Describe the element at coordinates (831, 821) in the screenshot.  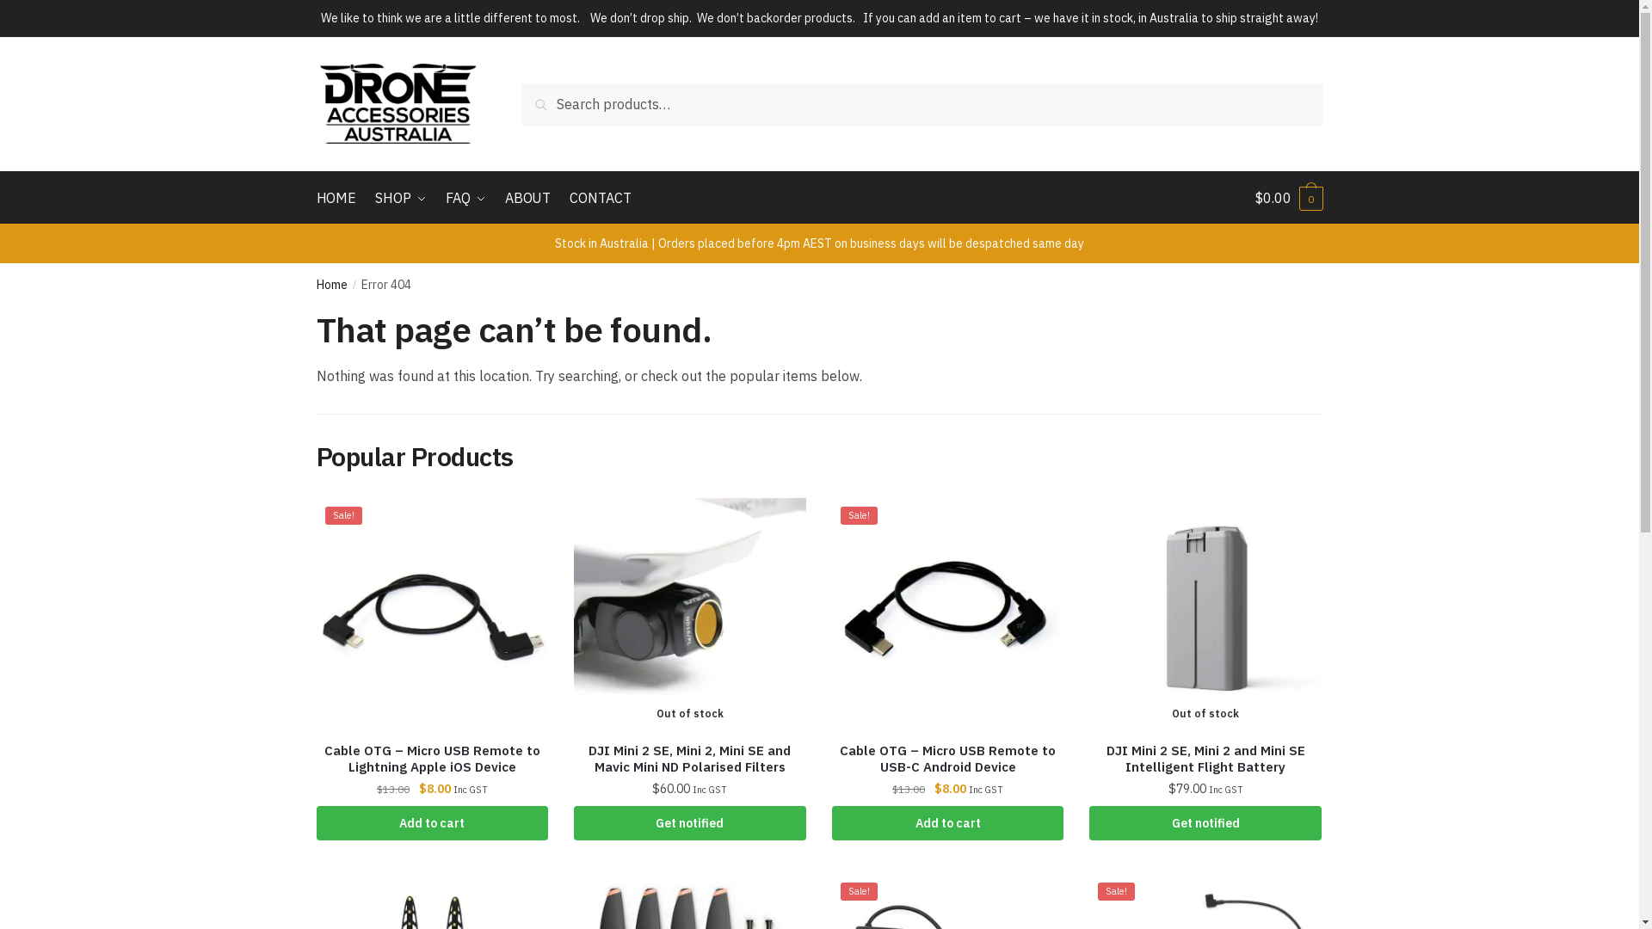
I see `'Add to cart'` at that location.